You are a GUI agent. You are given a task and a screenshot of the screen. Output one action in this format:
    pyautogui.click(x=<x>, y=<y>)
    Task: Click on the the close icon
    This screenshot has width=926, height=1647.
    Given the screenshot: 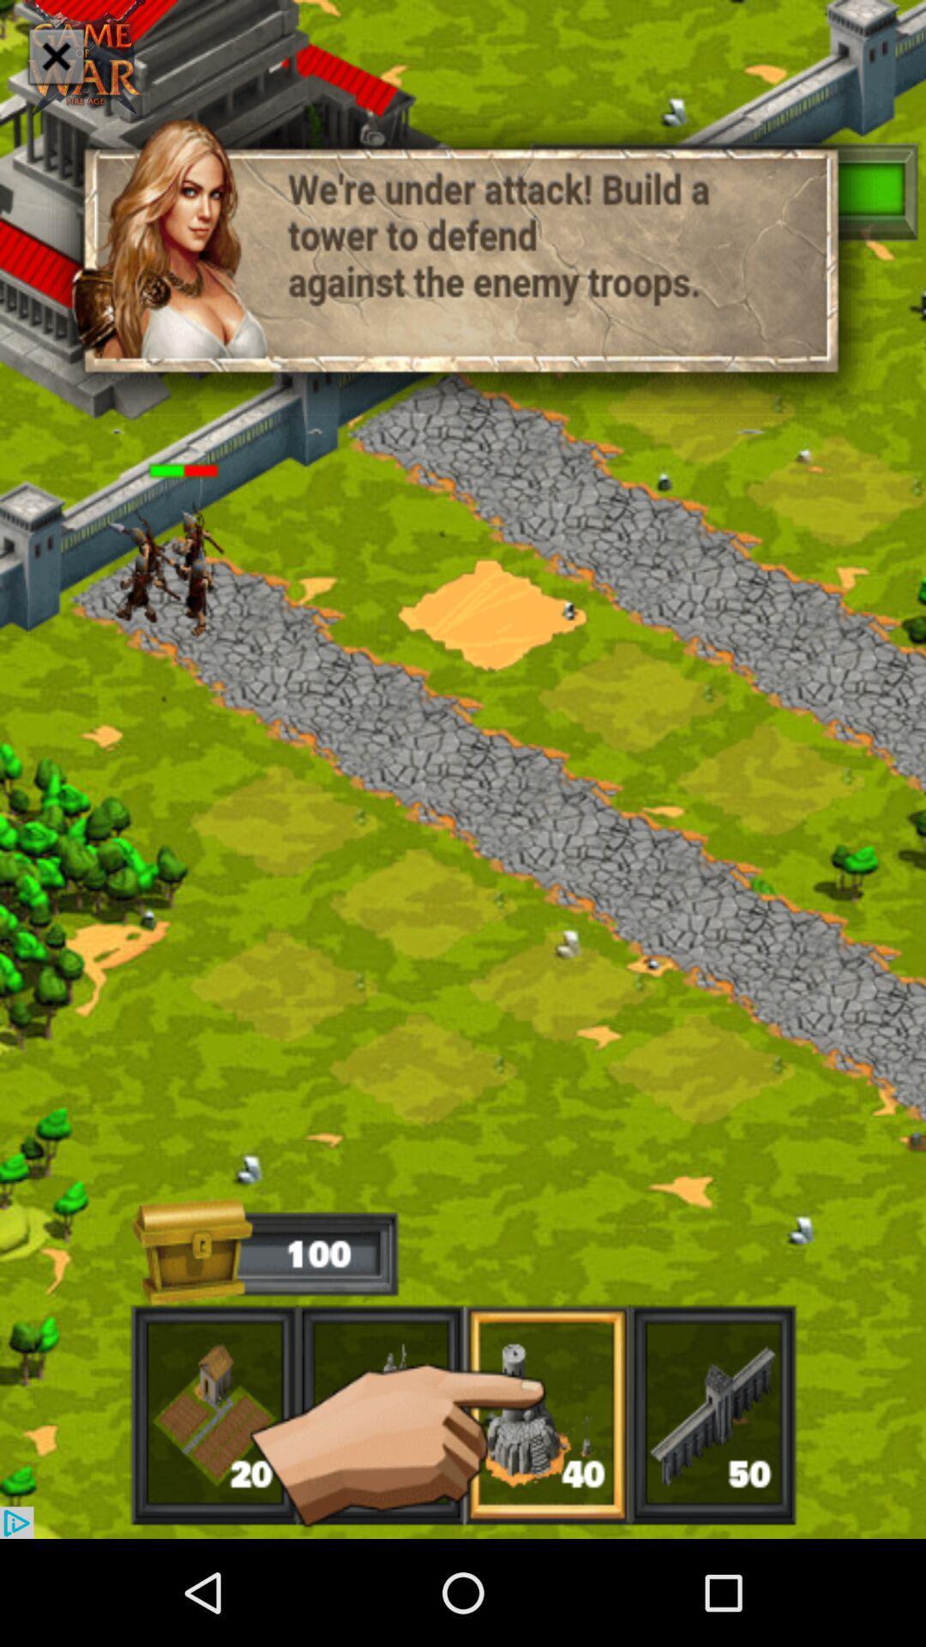 What is the action you would take?
    pyautogui.click(x=55, y=60)
    